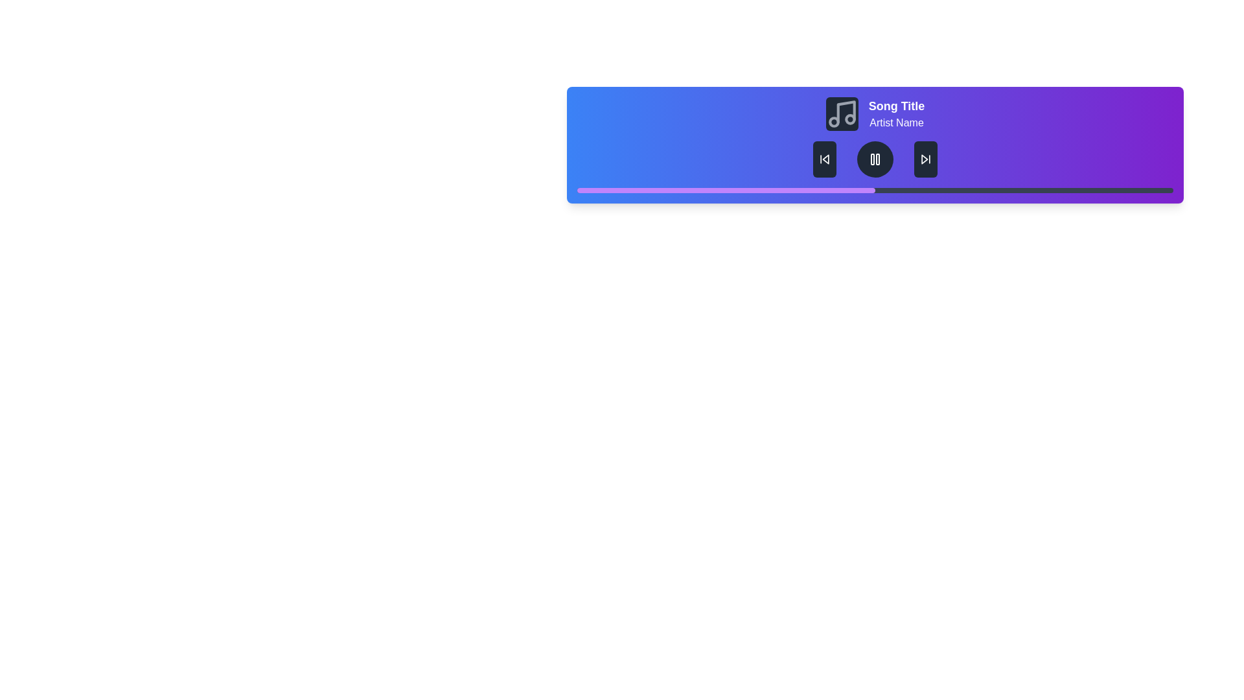 This screenshot has height=700, width=1244. Describe the element at coordinates (928, 190) in the screenshot. I see `progress` at that location.